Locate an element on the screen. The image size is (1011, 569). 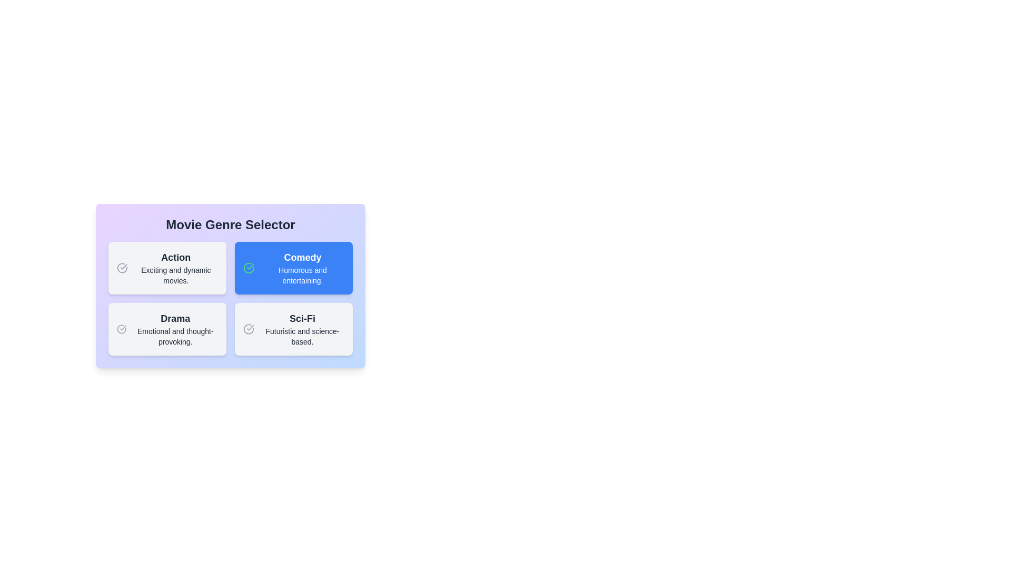
the description of the genre Drama and read its text is located at coordinates (166, 328).